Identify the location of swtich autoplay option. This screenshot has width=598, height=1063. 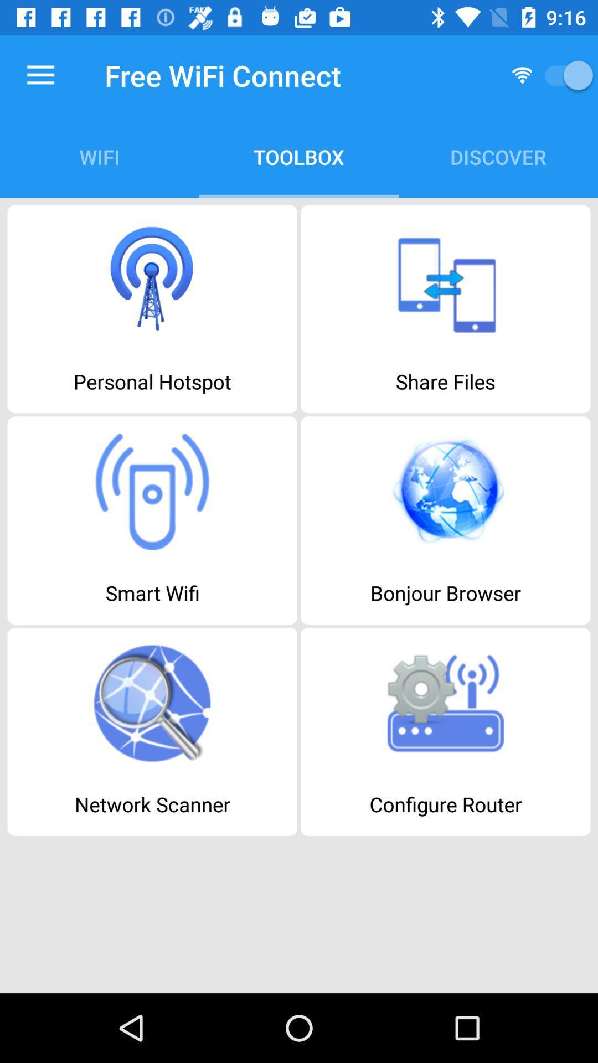
(565, 75).